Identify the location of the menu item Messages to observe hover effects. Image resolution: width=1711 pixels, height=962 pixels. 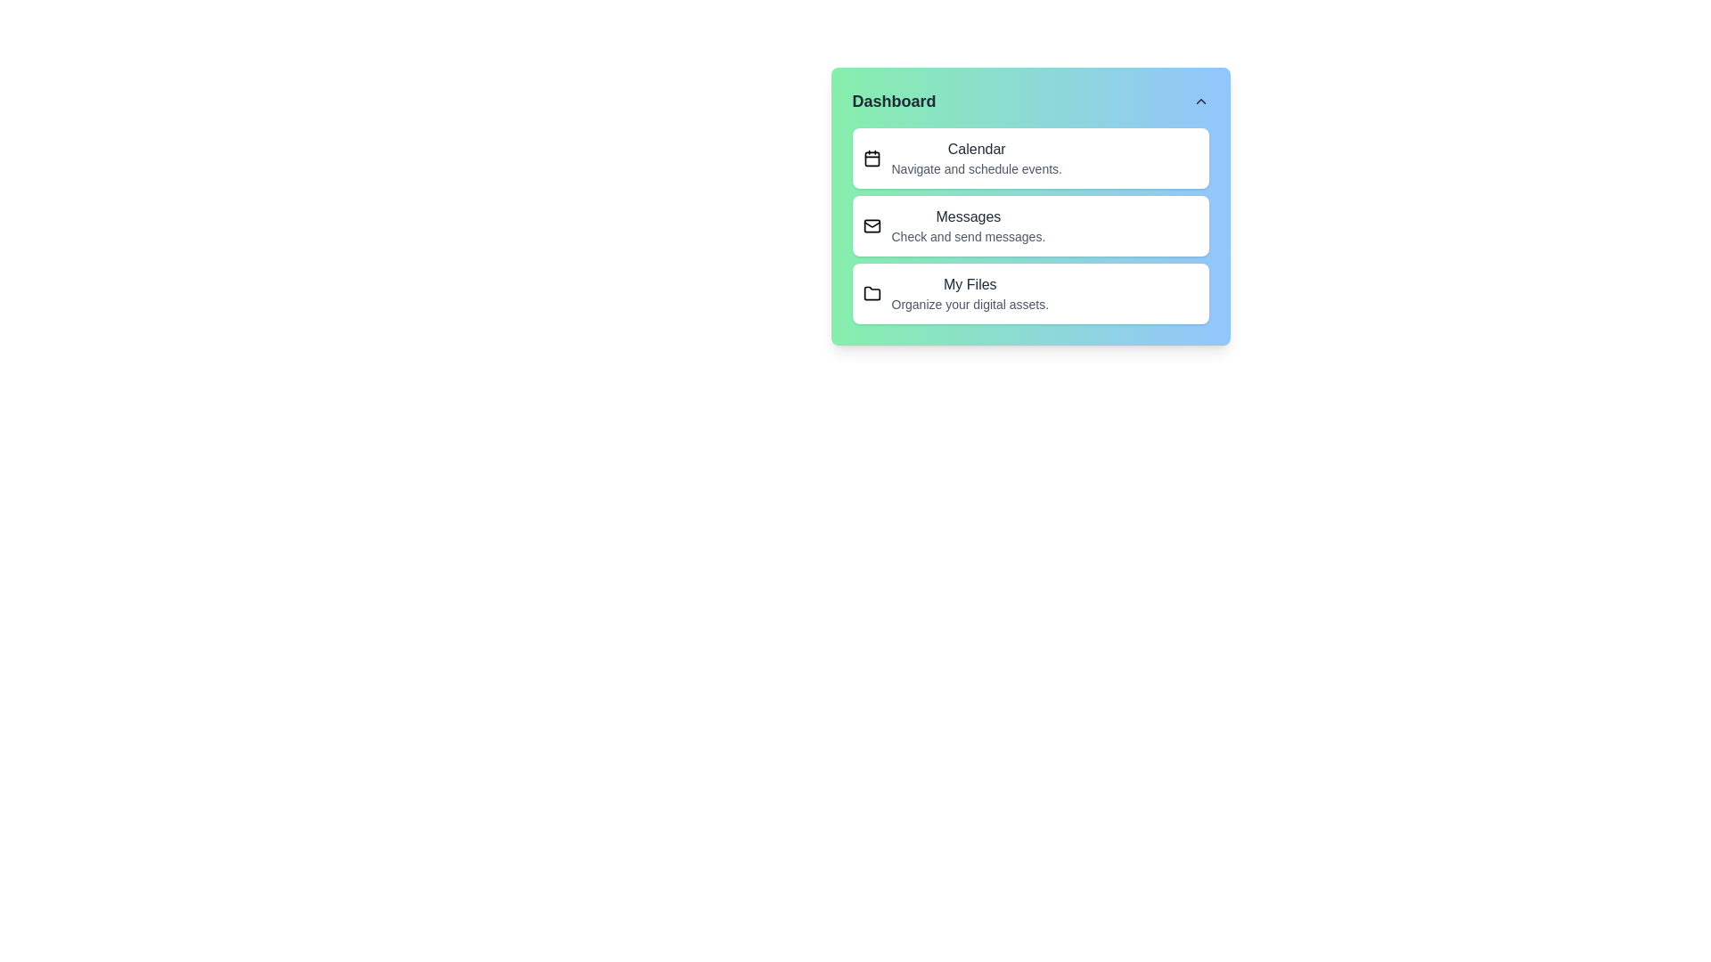
(1030, 225).